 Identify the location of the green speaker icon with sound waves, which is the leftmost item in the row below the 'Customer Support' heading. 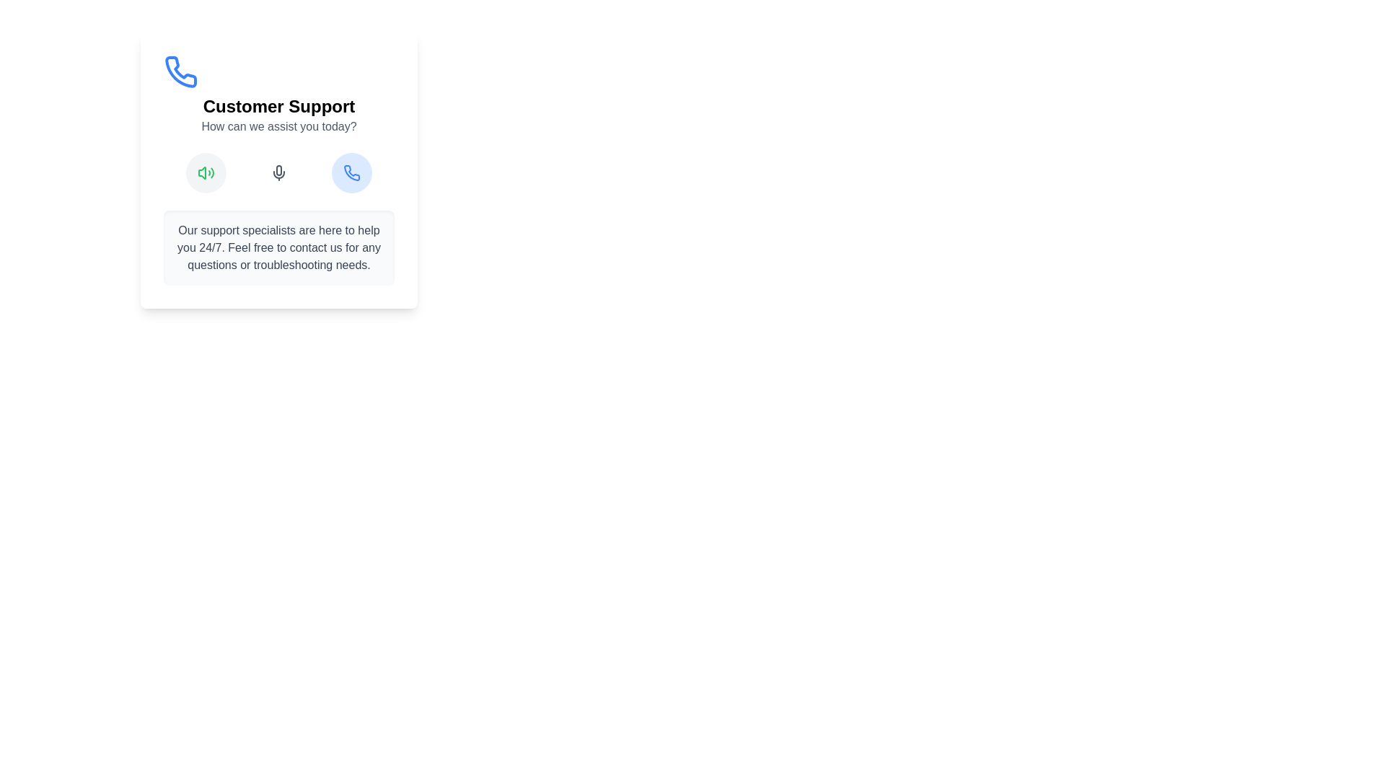
(205, 172).